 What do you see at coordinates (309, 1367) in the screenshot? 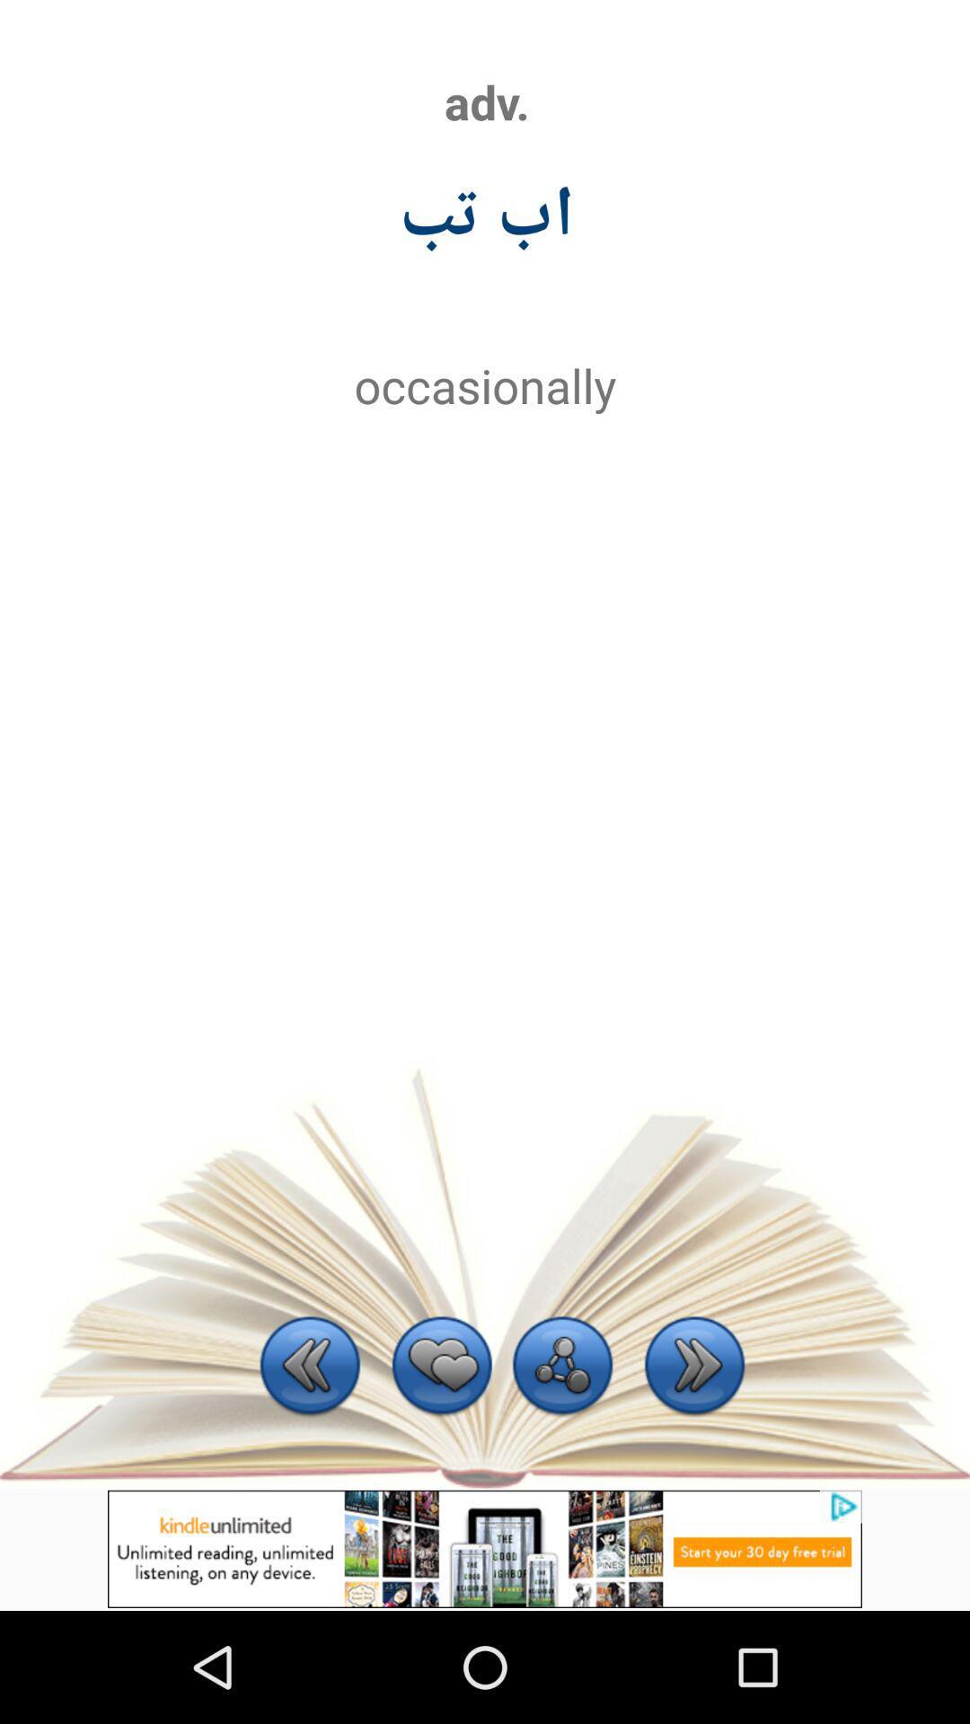
I see `come back` at bounding box center [309, 1367].